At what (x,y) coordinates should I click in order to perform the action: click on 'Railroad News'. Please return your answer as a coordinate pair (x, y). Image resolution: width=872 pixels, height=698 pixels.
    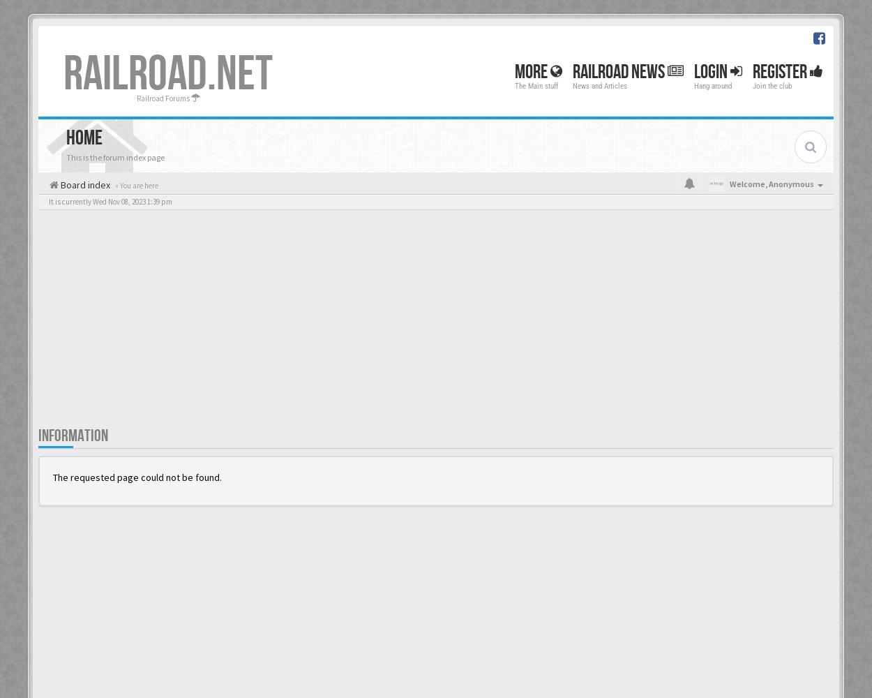
    Looking at the image, I should click on (620, 70).